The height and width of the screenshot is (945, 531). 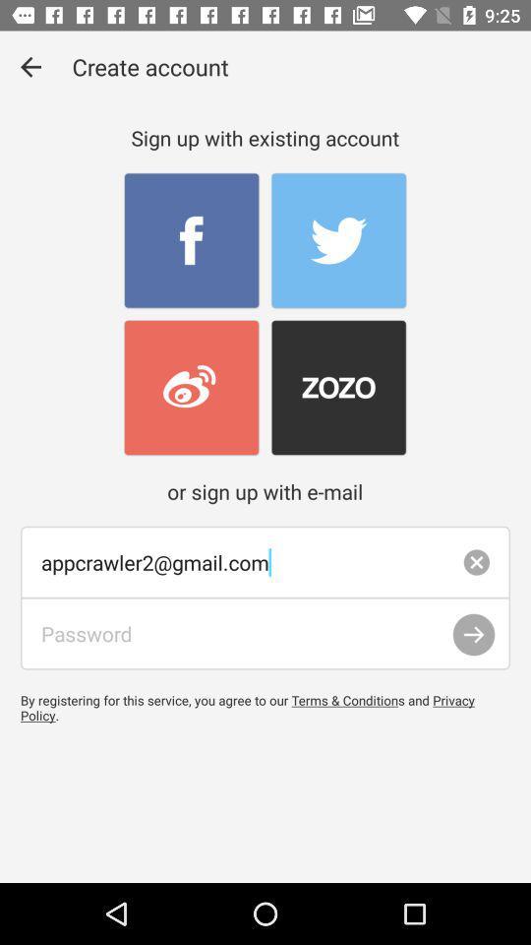 I want to click on the by registering for item, so click(x=265, y=708).